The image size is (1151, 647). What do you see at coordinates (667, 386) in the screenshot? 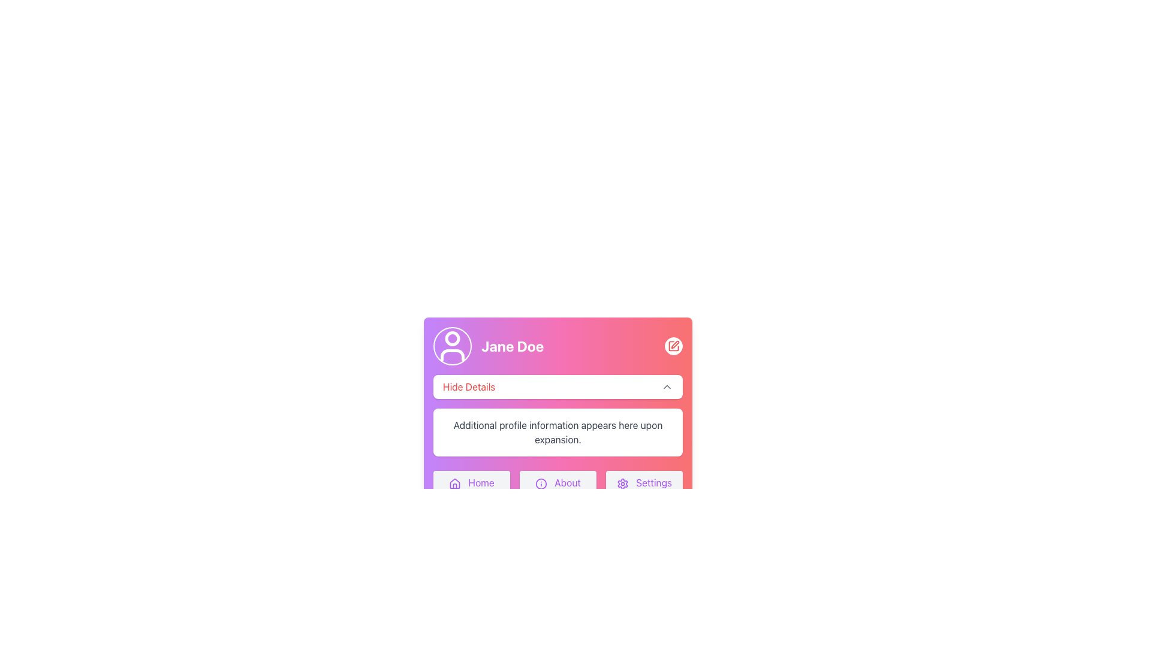
I see `the chevron-up icon located on the far-right side of the 'Hide Details' button` at bounding box center [667, 386].